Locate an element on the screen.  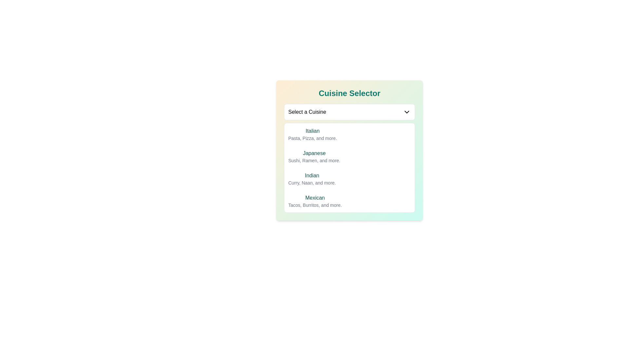
the 'Japanese' text label in the dropdown selection list is located at coordinates (314, 153).